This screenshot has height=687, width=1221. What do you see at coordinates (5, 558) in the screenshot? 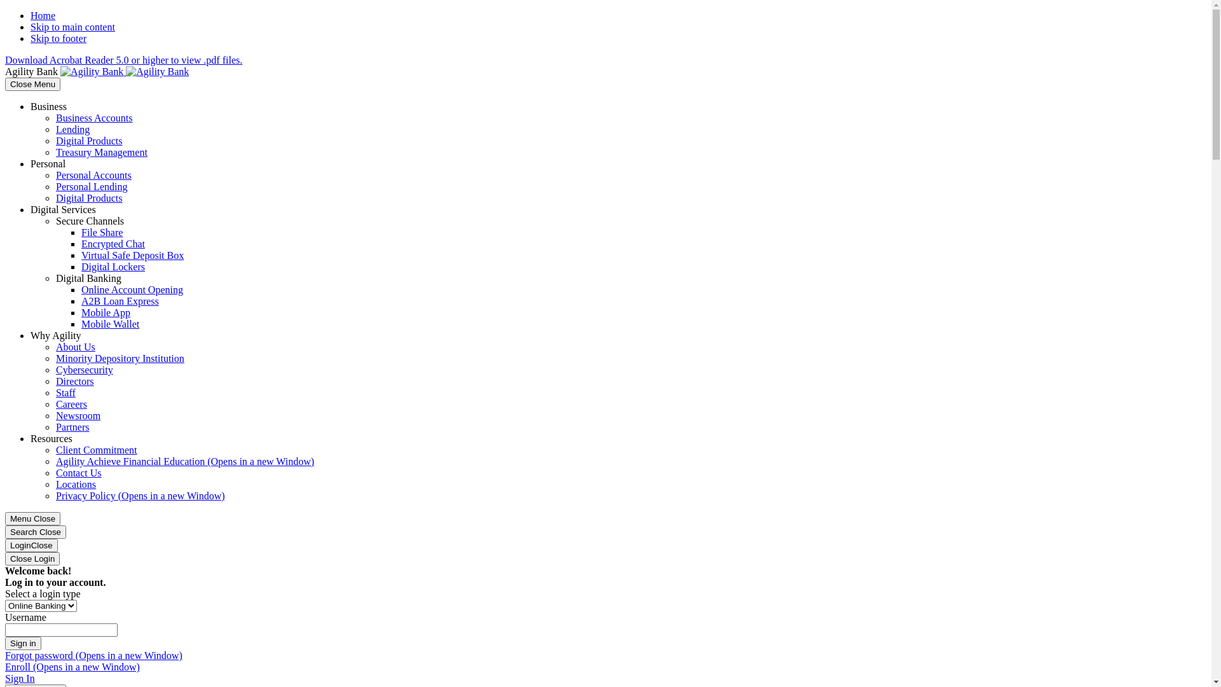
I see `'Close Login'` at bounding box center [5, 558].